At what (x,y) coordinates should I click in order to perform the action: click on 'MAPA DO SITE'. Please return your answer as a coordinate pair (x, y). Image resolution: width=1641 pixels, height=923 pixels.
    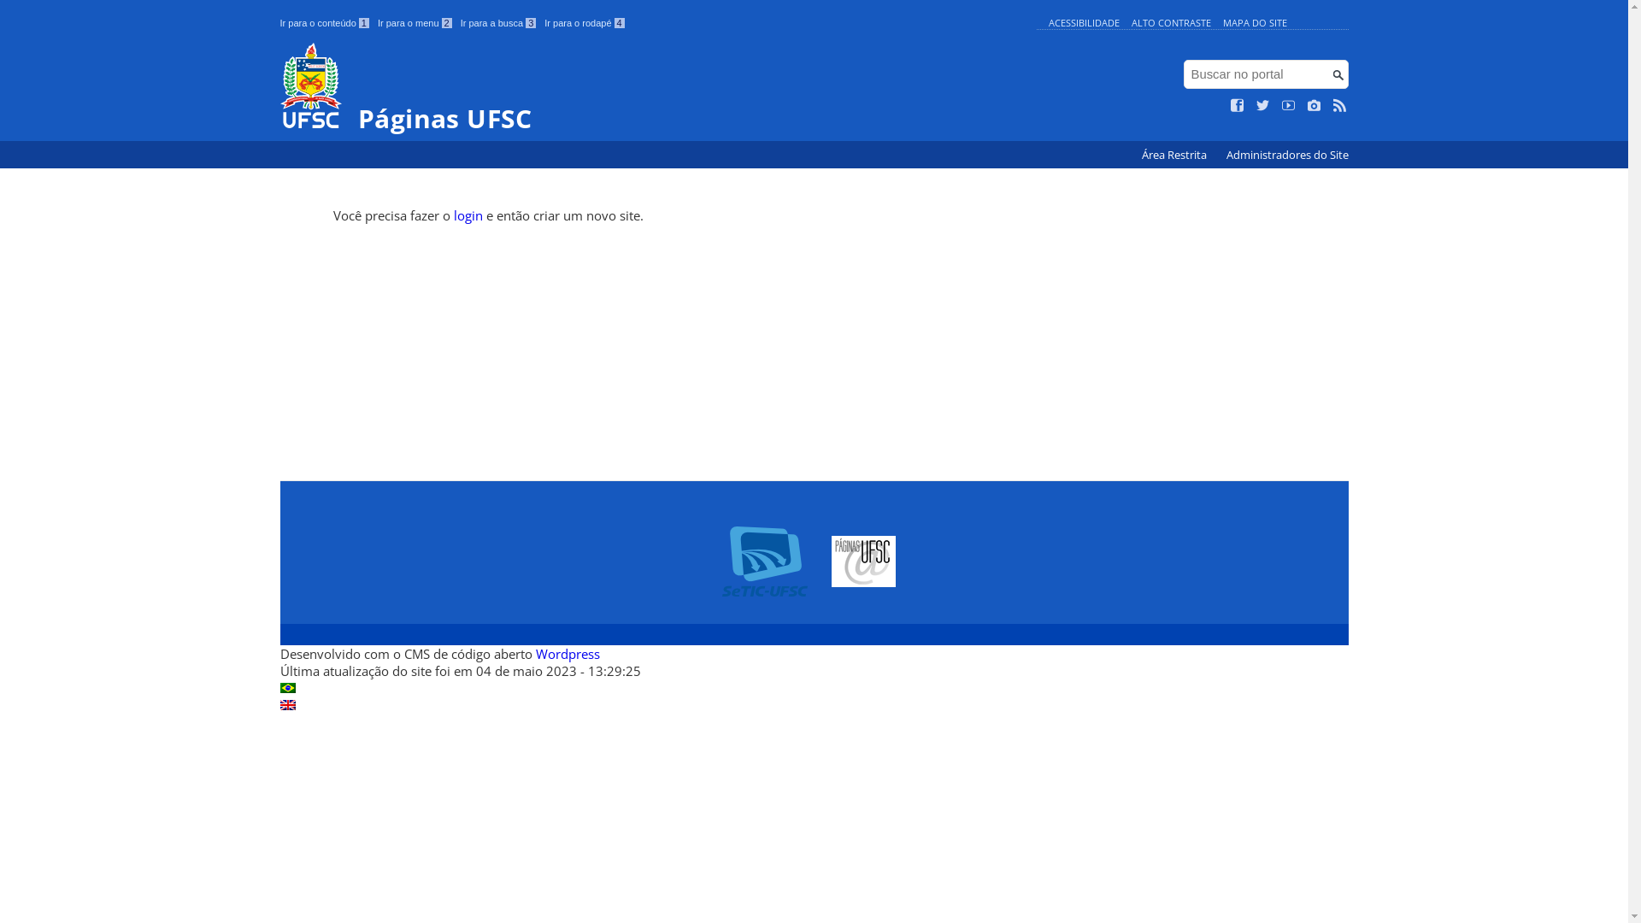
    Looking at the image, I should click on (1221, 22).